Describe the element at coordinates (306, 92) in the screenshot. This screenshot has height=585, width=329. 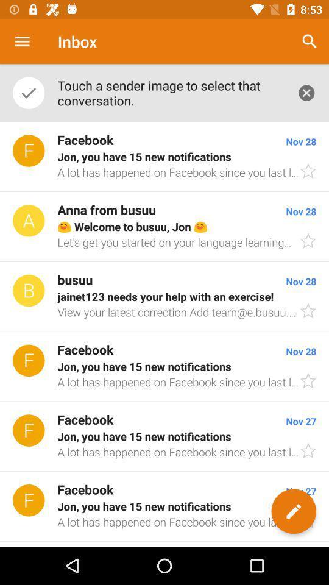
I see `icon to the right of touch a sender icon` at that location.